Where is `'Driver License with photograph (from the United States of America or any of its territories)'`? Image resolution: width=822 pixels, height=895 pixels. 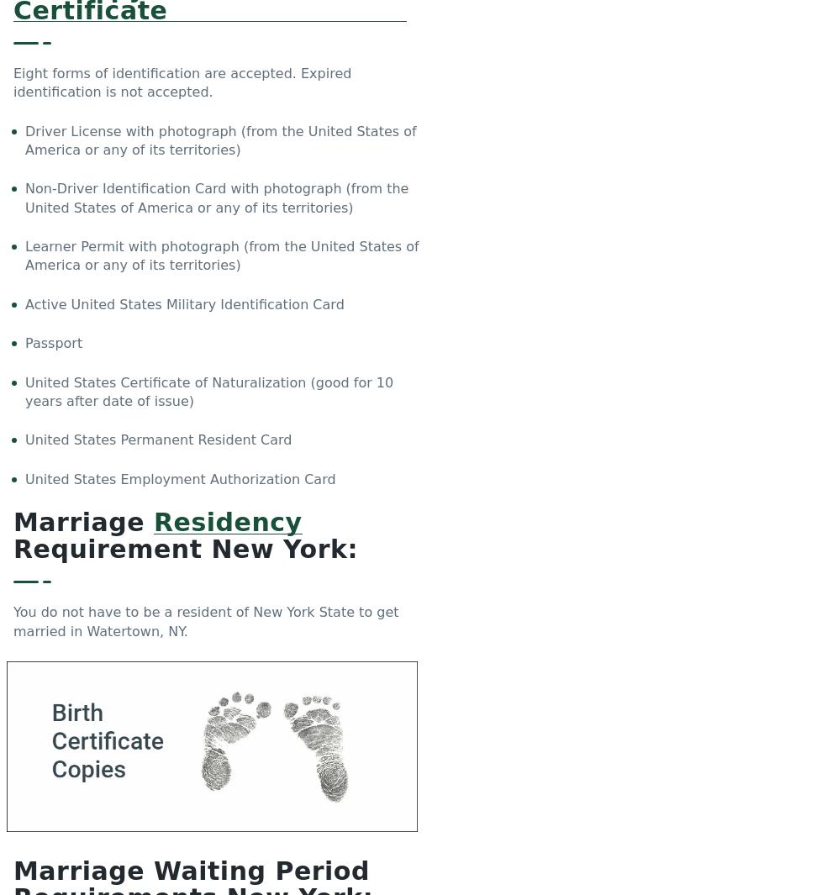 'Driver License with photograph (from the United States of America or any of its territories)' is located at coordinates (219, 139).